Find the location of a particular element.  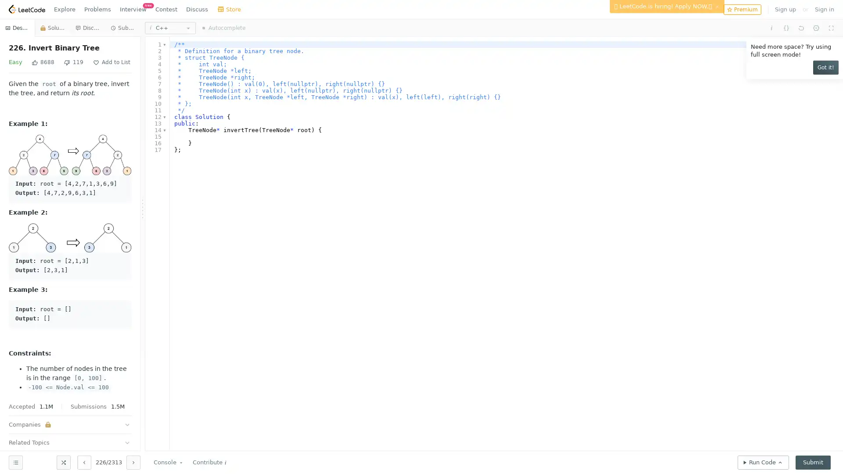

Got it! is located at coordinates (825, 67).